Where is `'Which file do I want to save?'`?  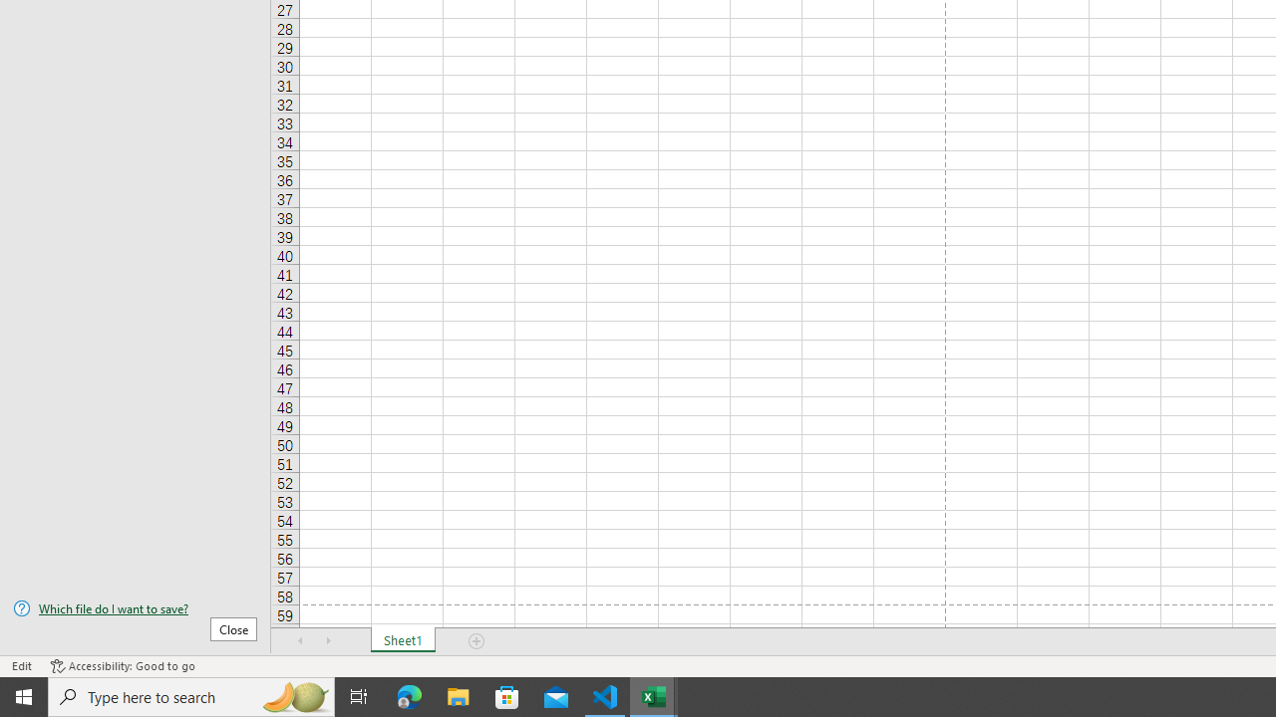 'Which file do I want to save?' is located at coordinates (135, 607).